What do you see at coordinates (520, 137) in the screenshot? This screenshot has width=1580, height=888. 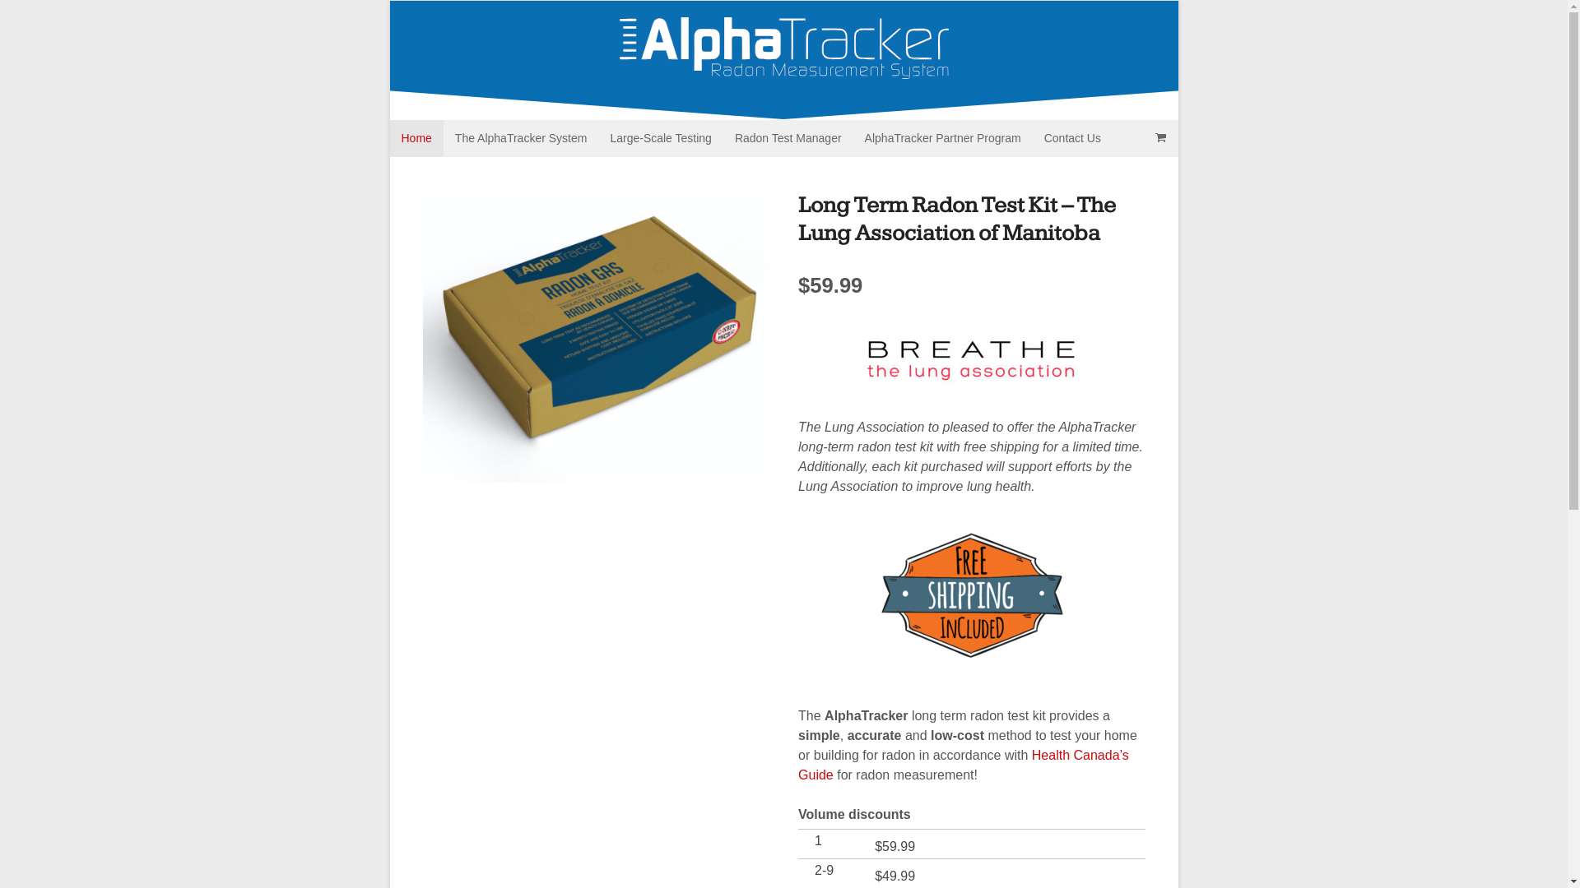 I see `'The AlphaTracker System'` at bounding box center [520, 137].